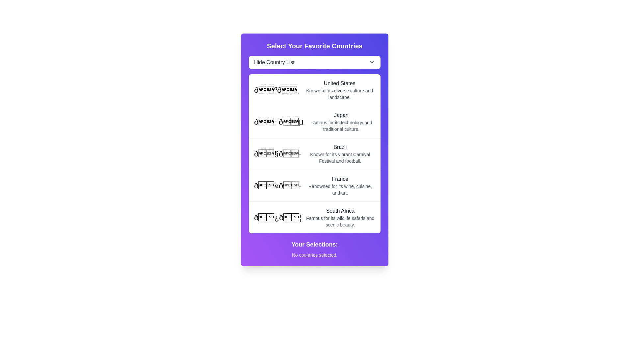 This screenshot has height=355, width=632. Describe the element at coordinates (341, 122) in the screenshot. I see `the textual UI component displaying 'Japan'` at that location.